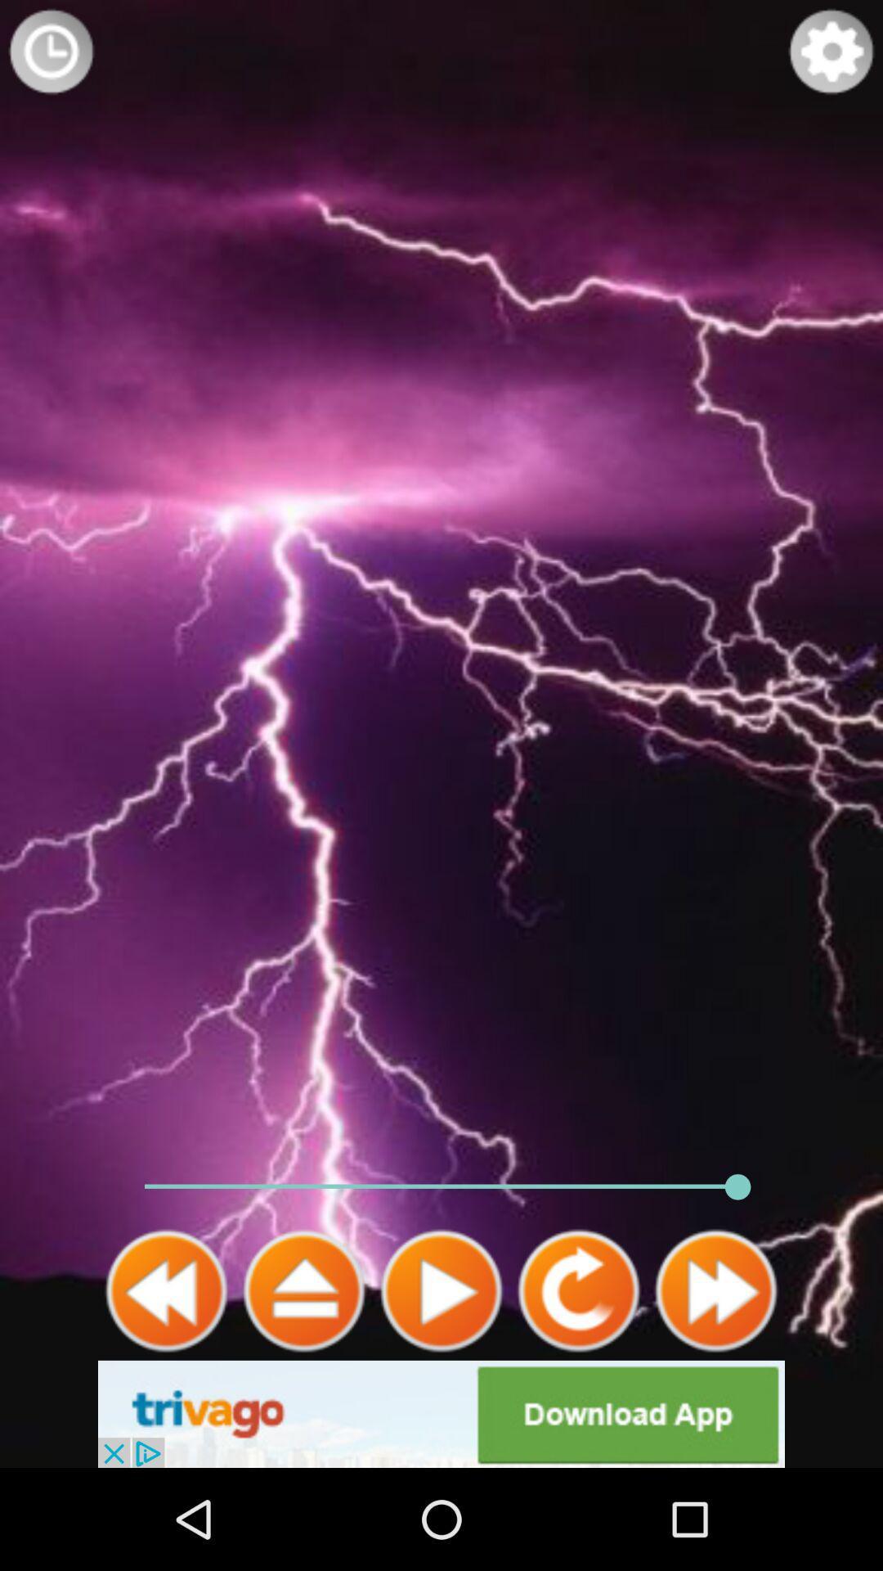 This screenshot has width=883, height=1571. What do you see at coordinates (578, 1290) in the screenshot?
I see `repeat song button` at bounding box center [578, 1290].